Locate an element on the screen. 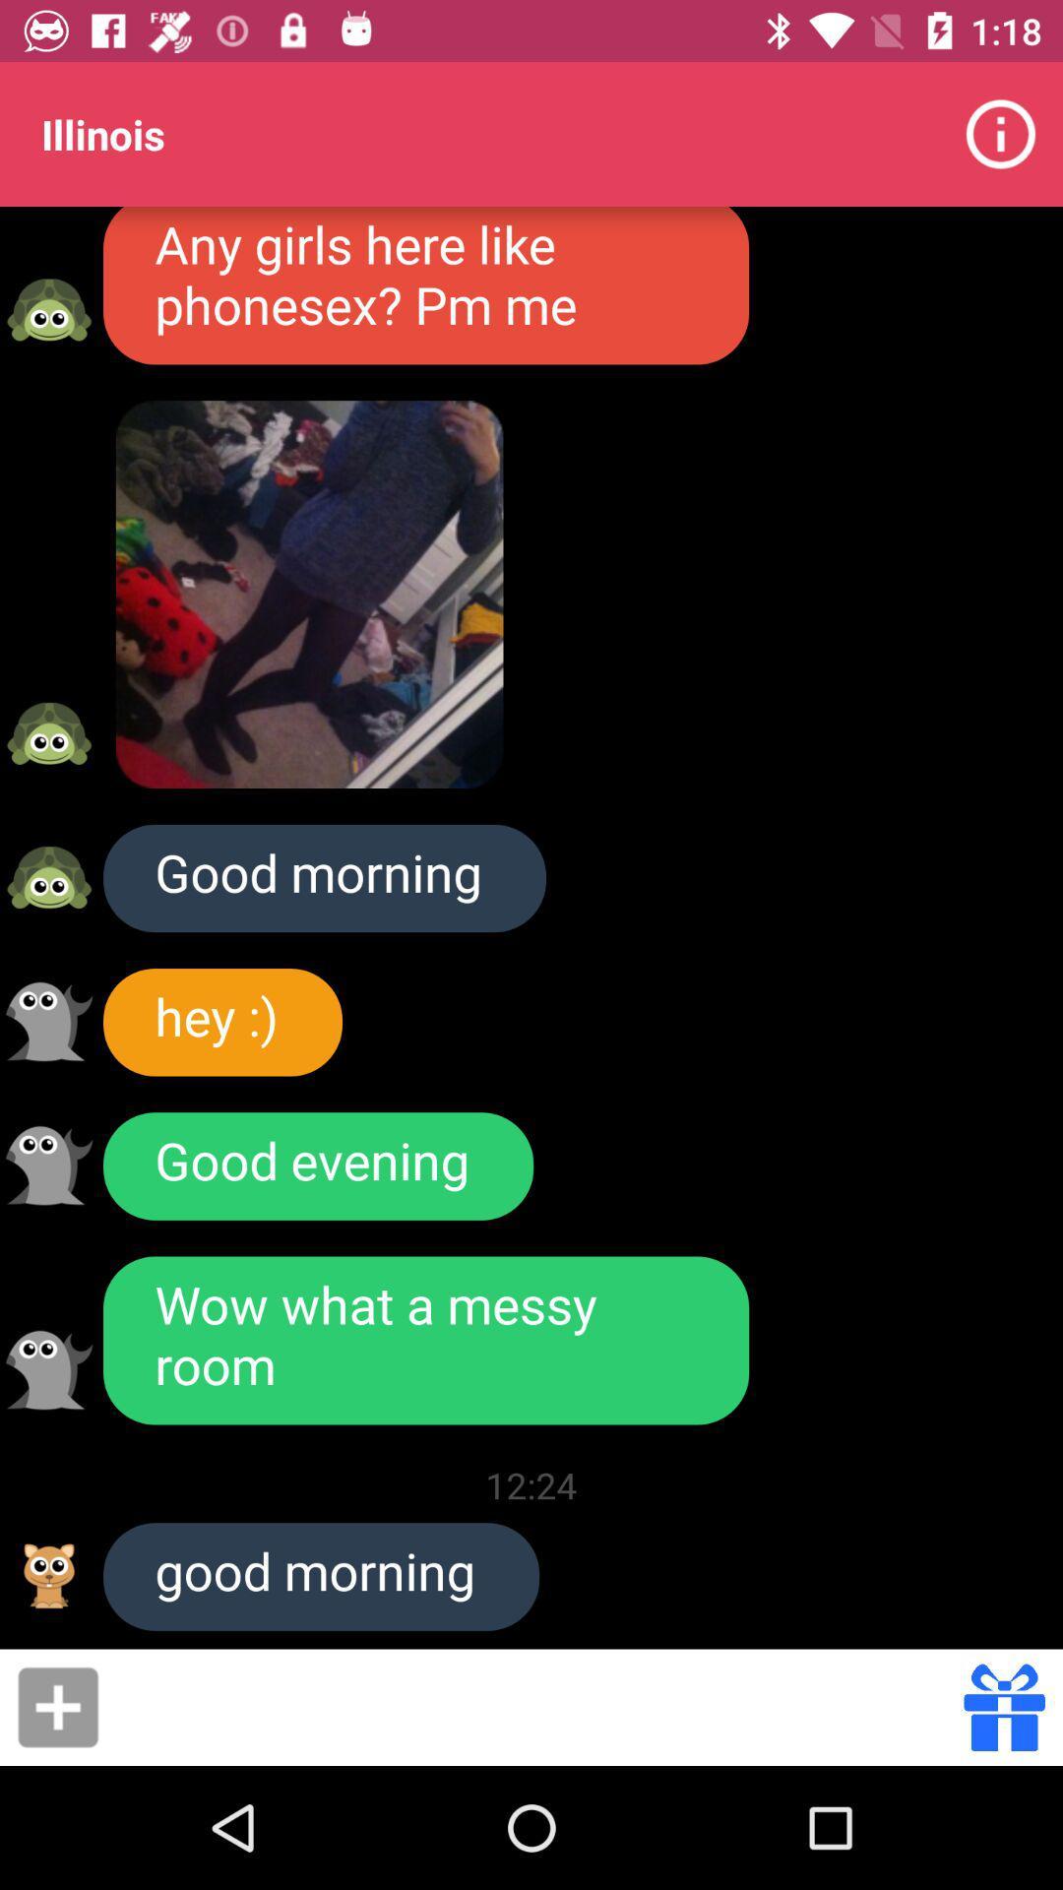  send a gift is located at coordinates (1004, 1706).